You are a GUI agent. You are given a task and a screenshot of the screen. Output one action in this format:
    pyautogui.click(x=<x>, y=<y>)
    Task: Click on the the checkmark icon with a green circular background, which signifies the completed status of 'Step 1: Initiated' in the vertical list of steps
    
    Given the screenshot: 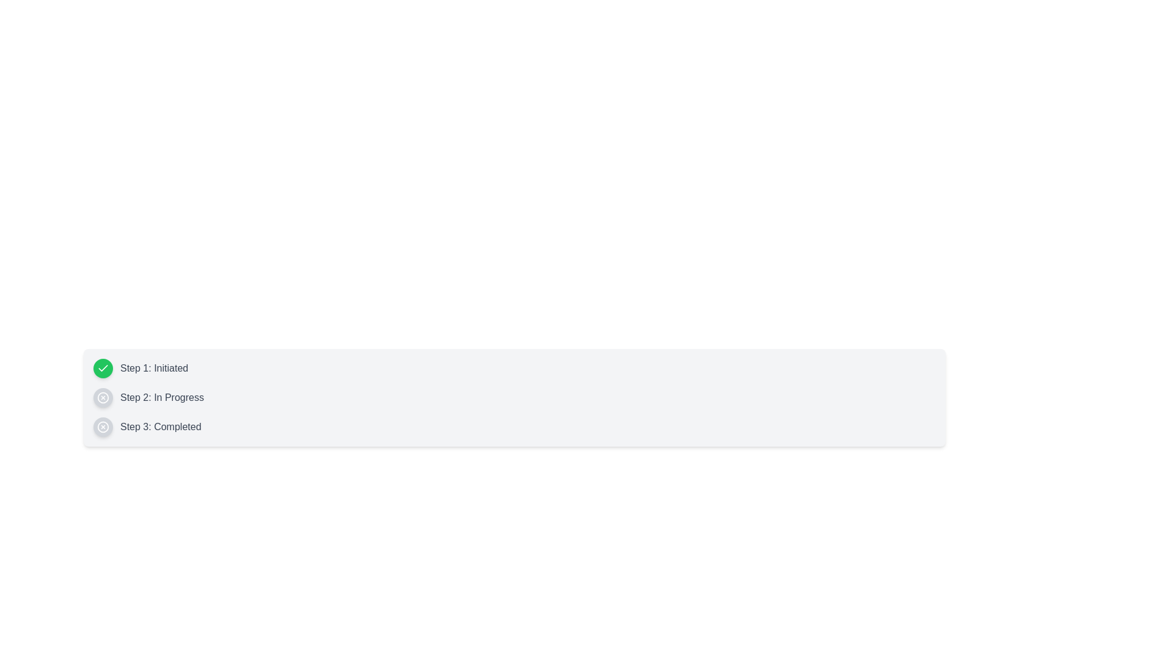 What is the action you would take?
    pyautogui.click(x=103, y=368)
    